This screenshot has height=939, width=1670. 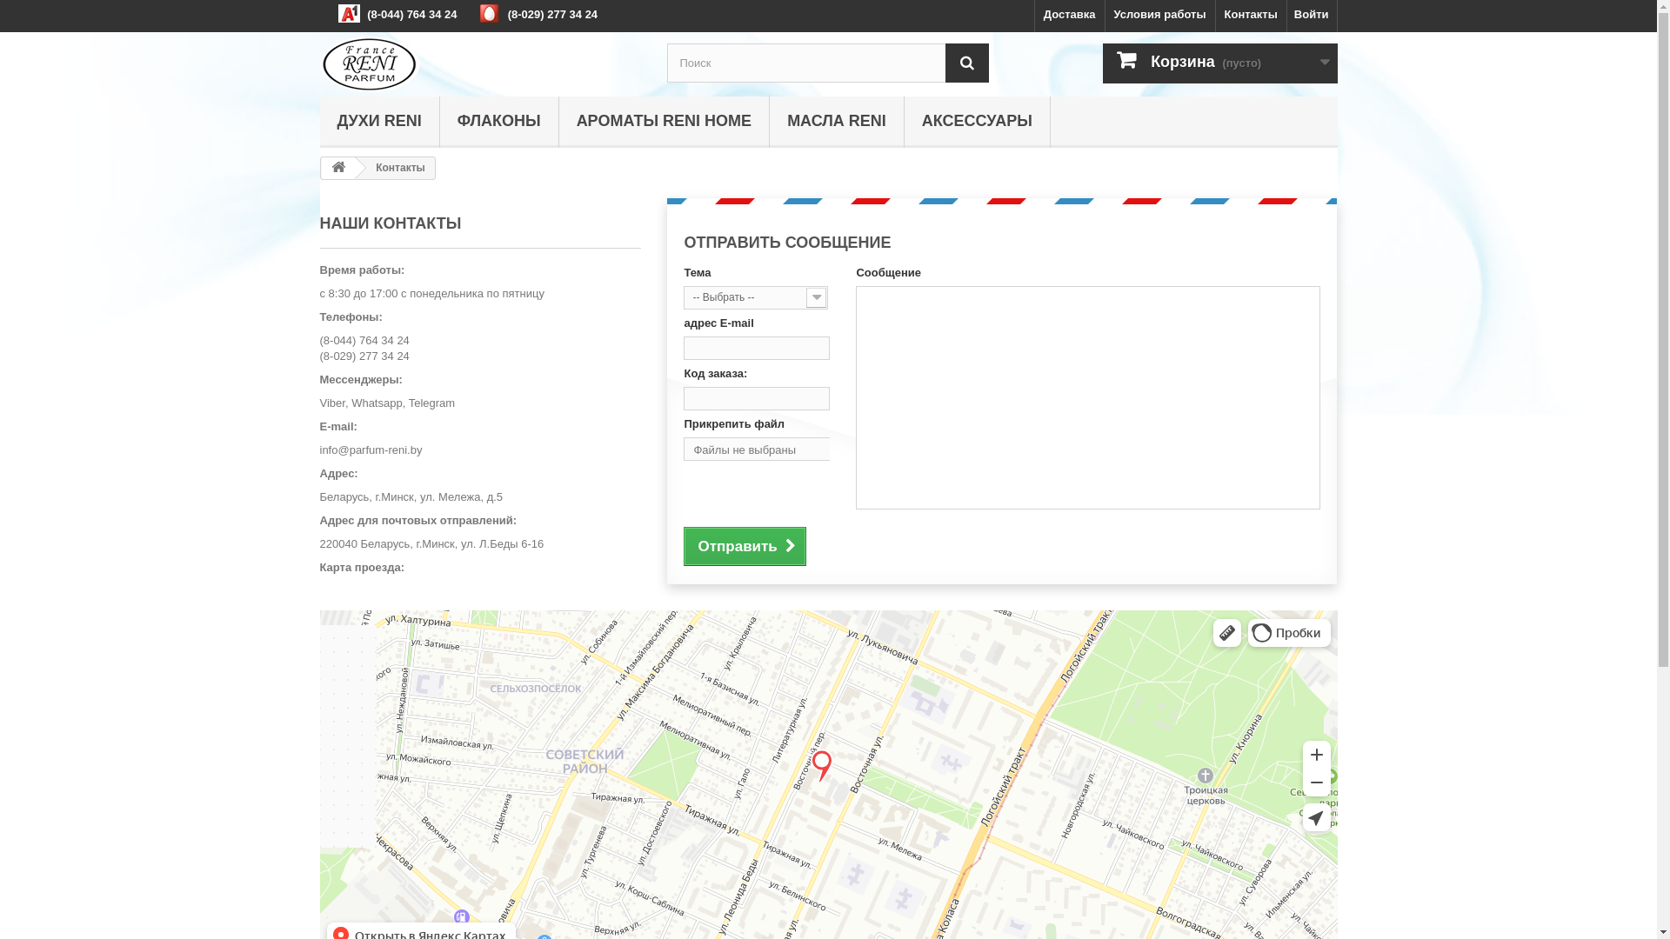 What do you see at coordinates (364, 340) in the screenshot?
I see `'(8-044) 764 34 24'` at bounding box center [364, 340].